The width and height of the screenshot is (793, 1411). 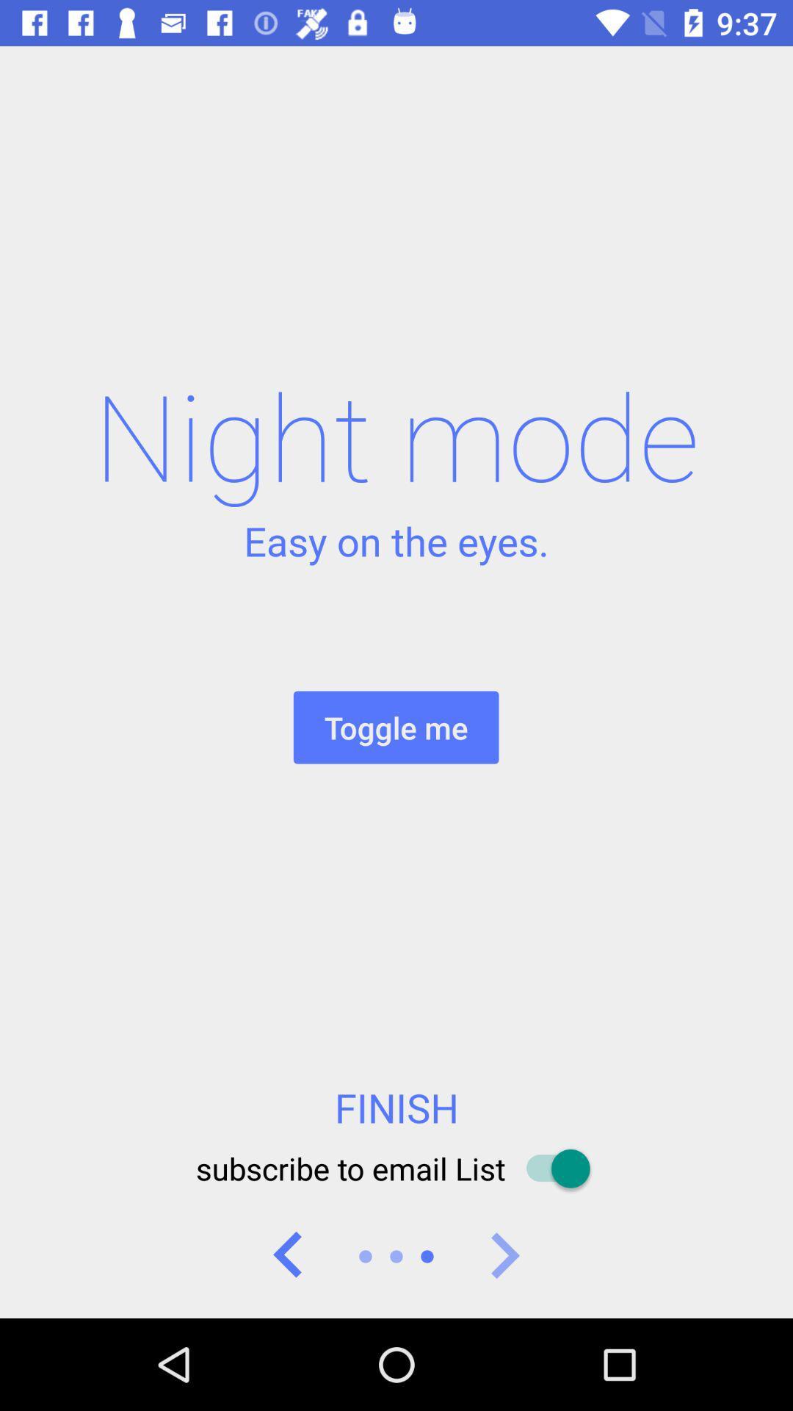 I want to click on previous, so click(x=289, y=1255).